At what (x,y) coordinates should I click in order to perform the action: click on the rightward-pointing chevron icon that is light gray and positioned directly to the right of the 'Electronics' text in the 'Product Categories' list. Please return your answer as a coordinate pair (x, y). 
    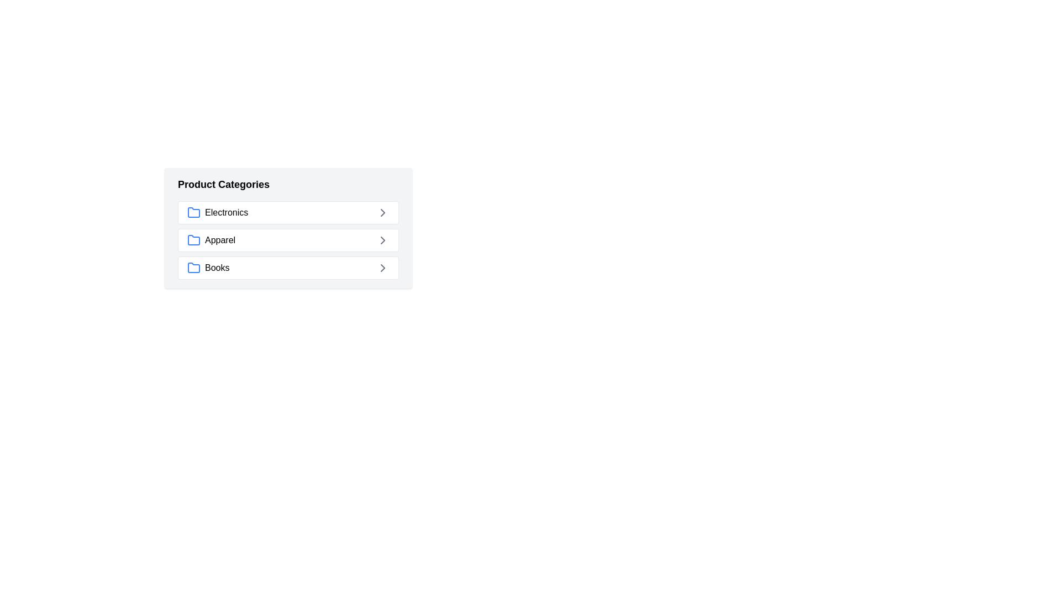
    Looking at the image, I should click on (382, 213).